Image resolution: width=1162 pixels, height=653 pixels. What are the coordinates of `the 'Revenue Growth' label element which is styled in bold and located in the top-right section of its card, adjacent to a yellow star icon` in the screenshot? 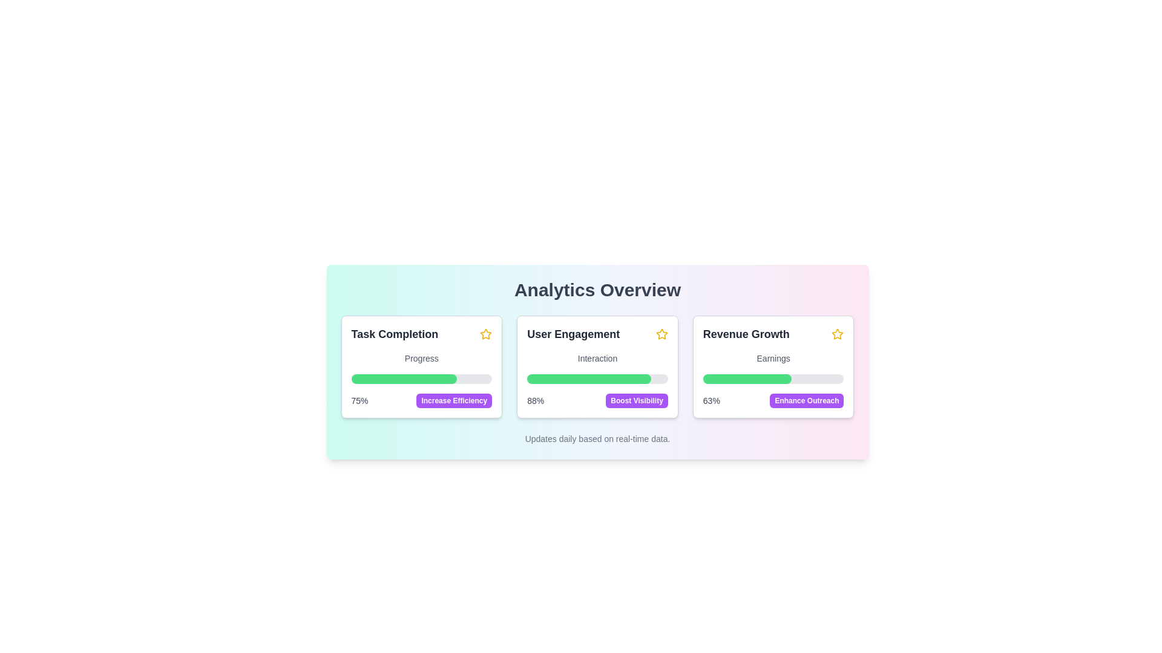 It's located at (773, 334).